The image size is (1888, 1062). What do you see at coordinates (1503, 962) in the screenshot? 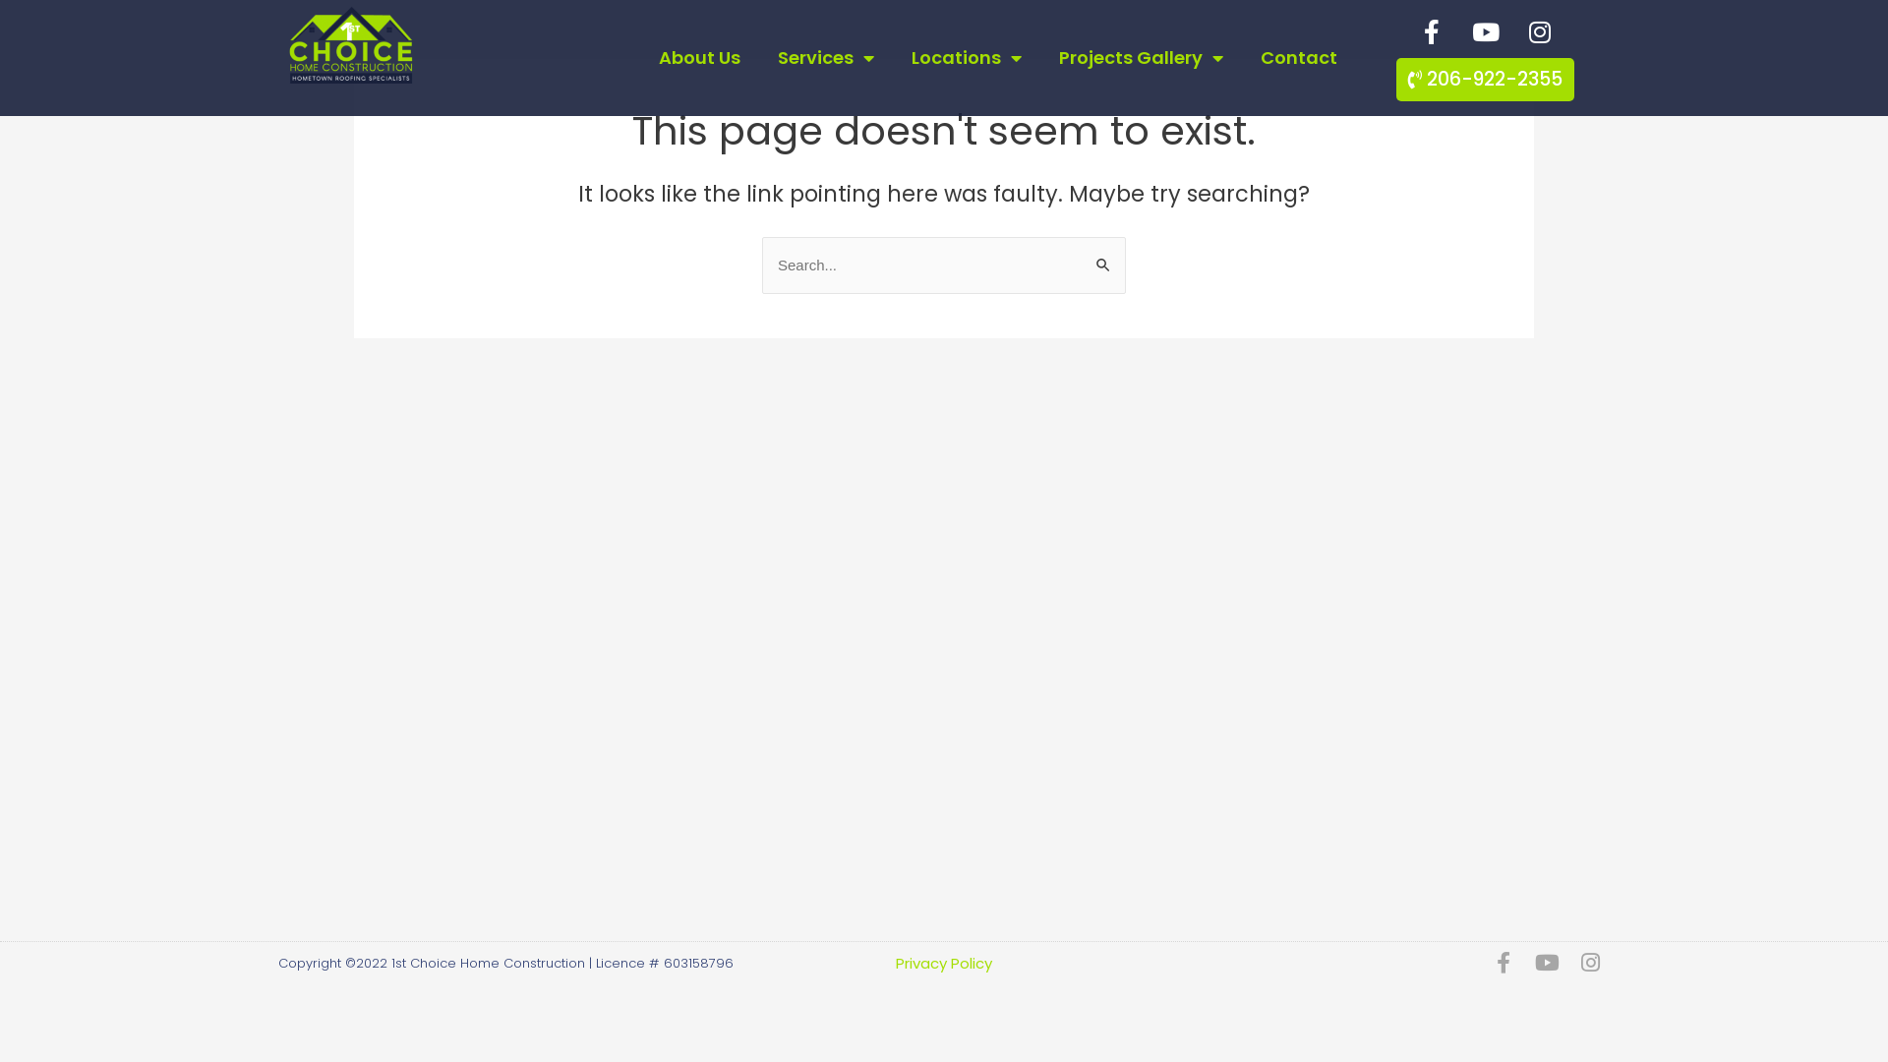
I see `'Facebook-f'` at bounding box center [1503, 962].